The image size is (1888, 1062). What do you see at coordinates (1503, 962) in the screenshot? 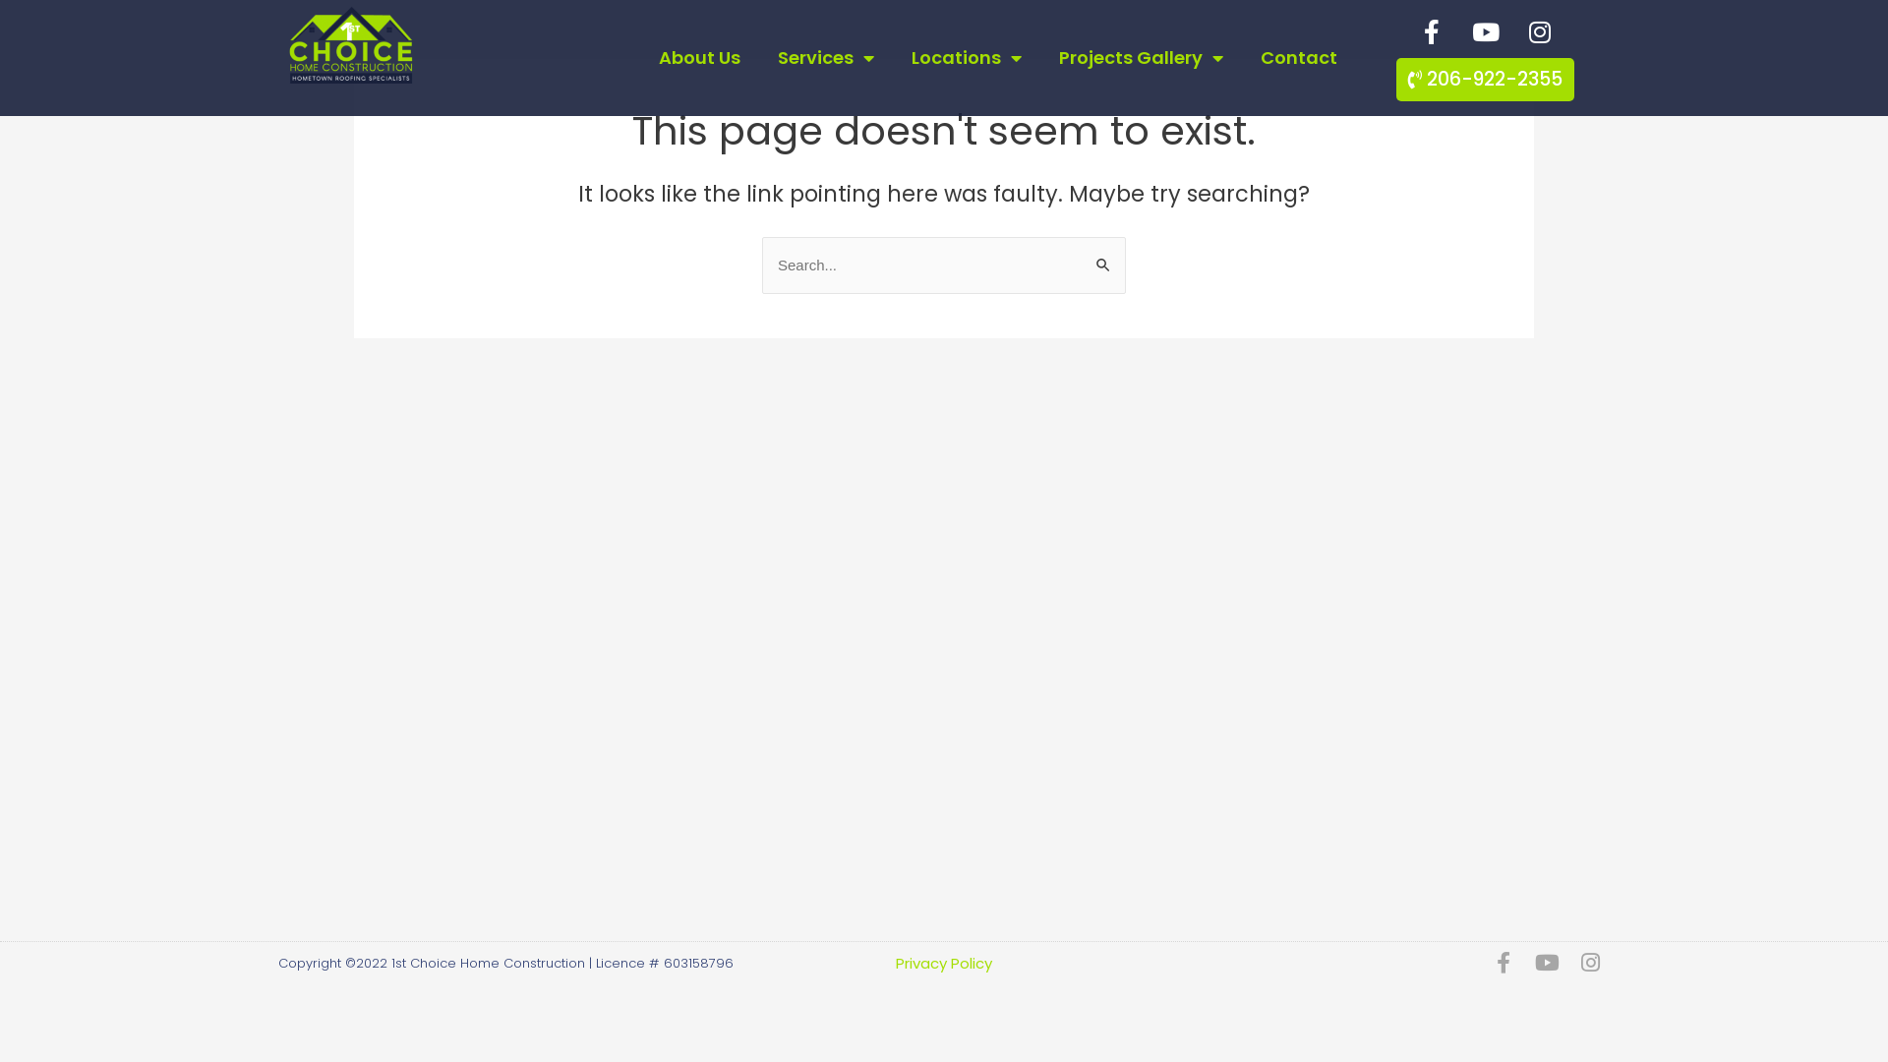
I see `'Facebook-f'` at bounding box center [1503, 962].